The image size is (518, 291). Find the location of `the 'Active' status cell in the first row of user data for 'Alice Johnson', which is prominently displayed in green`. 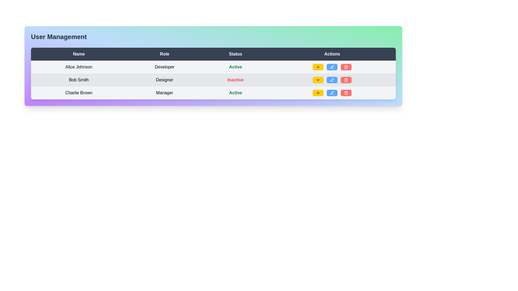

the 'Active' status cell in the first row of user data for 'Alice Johnson', which is prominently displayed in green is located at coordinates (213, 67).